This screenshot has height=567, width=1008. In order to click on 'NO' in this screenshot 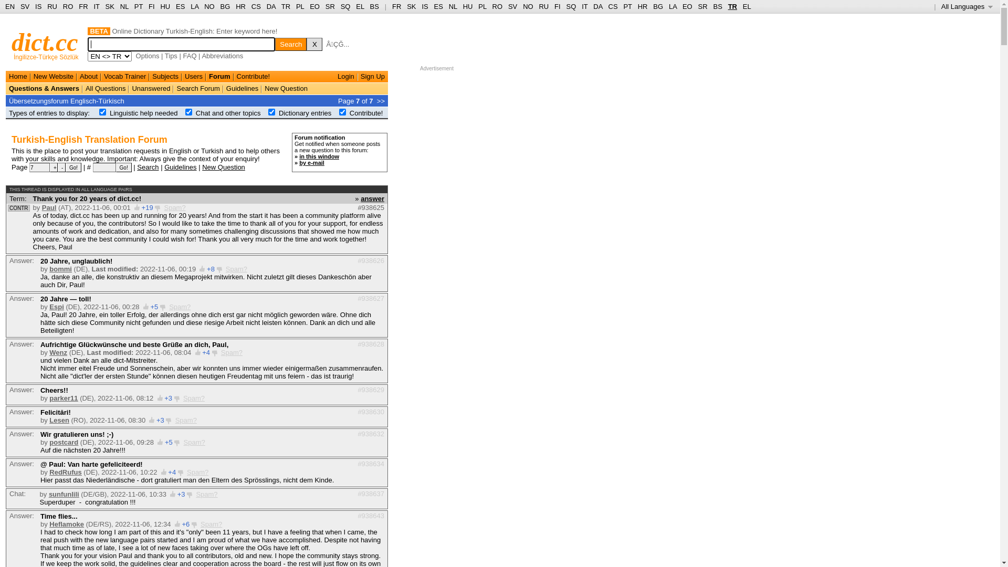, I will do `click(209, 6)`.